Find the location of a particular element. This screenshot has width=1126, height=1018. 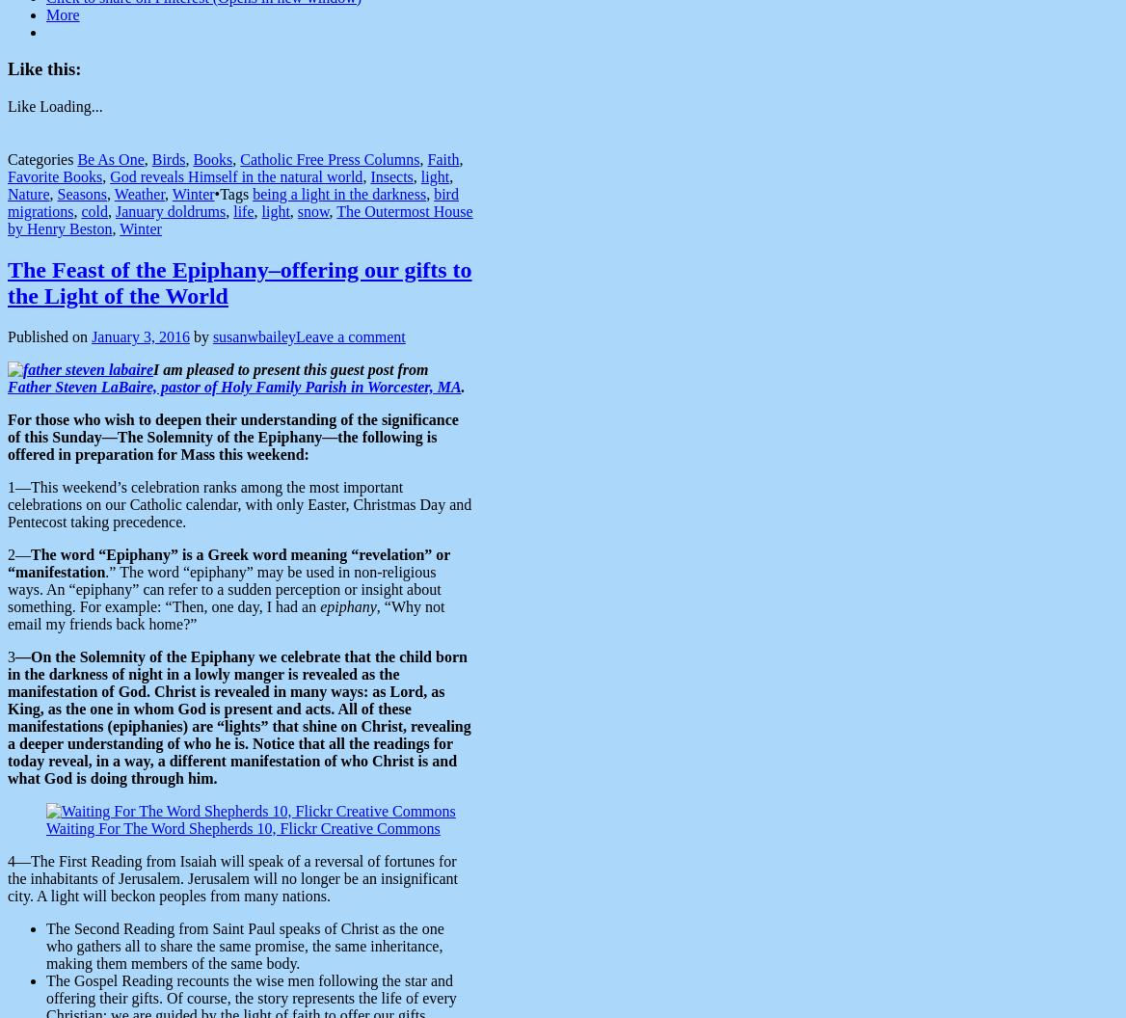

'—On the Solemnity of the Epiphany we celebrate that the child born in the darkness of night in a lowly manger is revealed as the manifestation of God. Christ is revealed in many ways: as Lord, as King, as the one in whom God is present and acts. All of these manifestations (epiphanies) are “lights” that shine on Christ, revealing a deeper understanding of who he is. Notice that all the readings for today reveal, in a way, a different manifestation of who Christ is and what God is doing through him.' is located at coordinates (237, 715).